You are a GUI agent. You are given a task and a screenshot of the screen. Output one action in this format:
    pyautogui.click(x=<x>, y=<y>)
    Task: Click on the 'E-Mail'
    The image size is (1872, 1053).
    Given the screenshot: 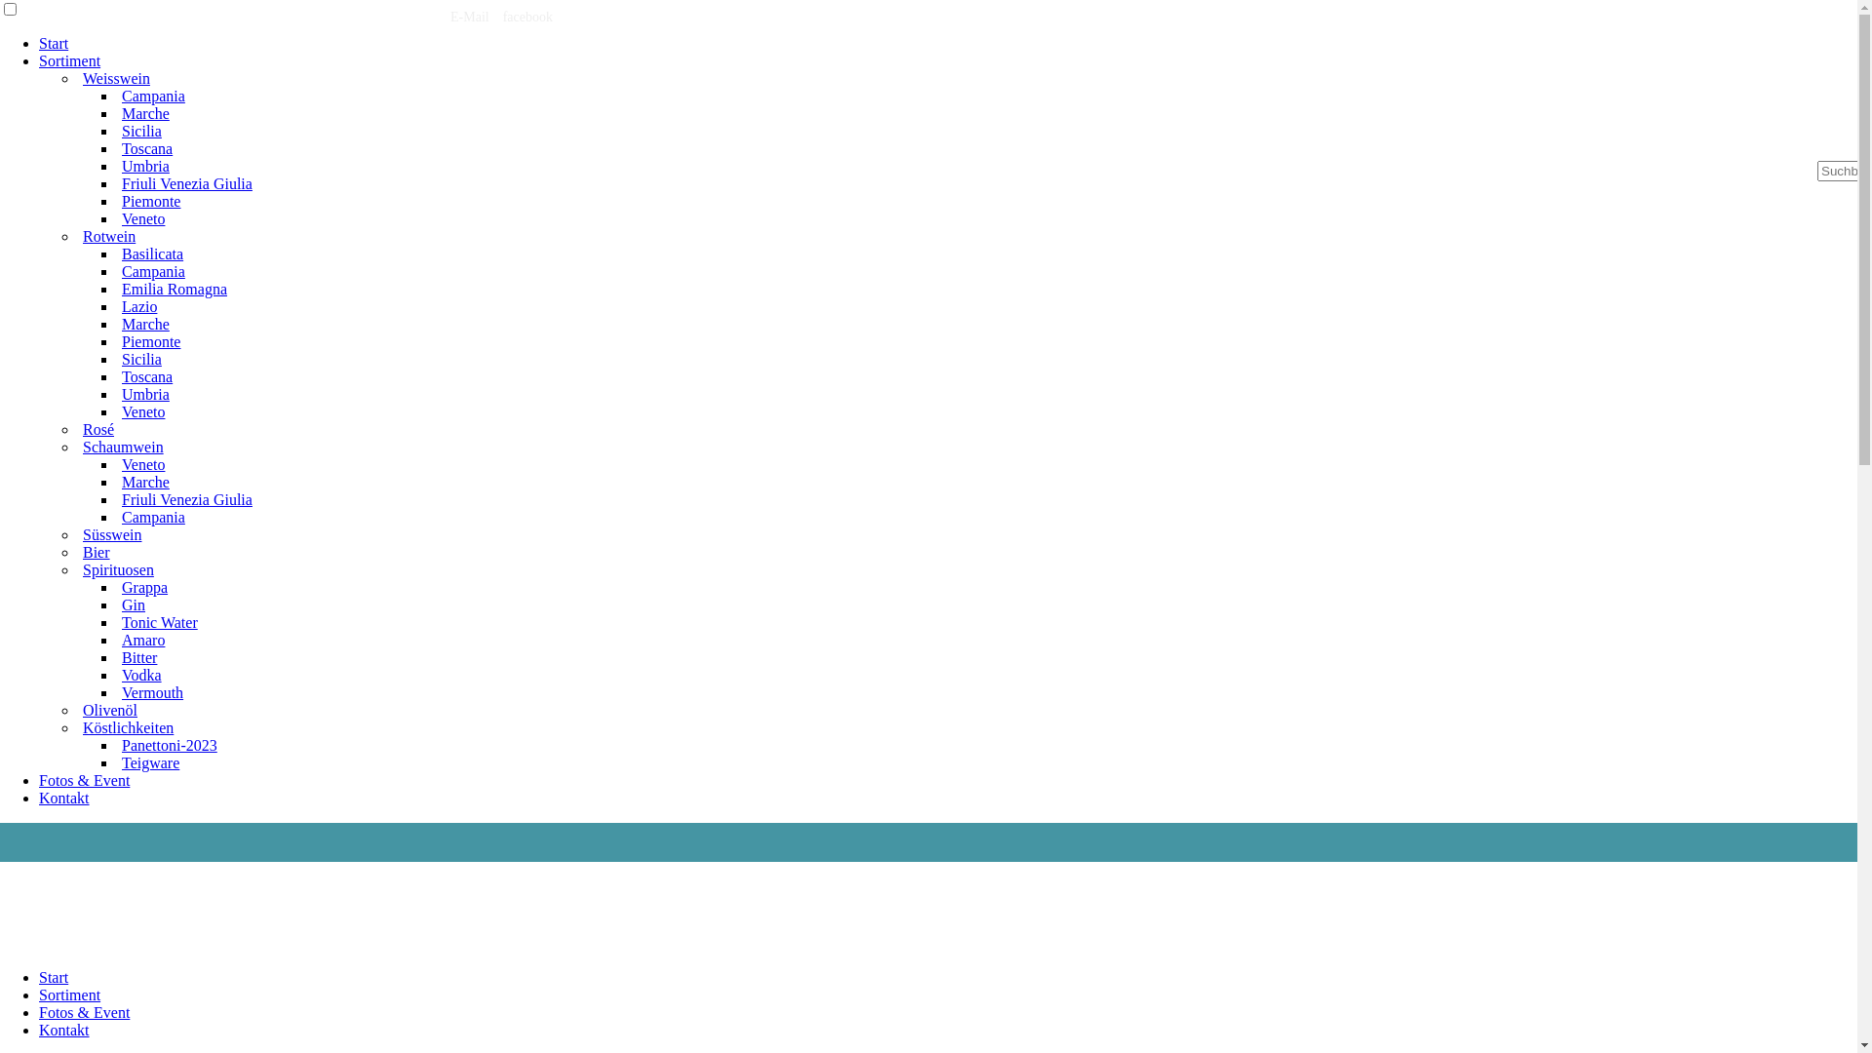 What is the action you would take?
    pyautogui.click(x=469, y=17)
    